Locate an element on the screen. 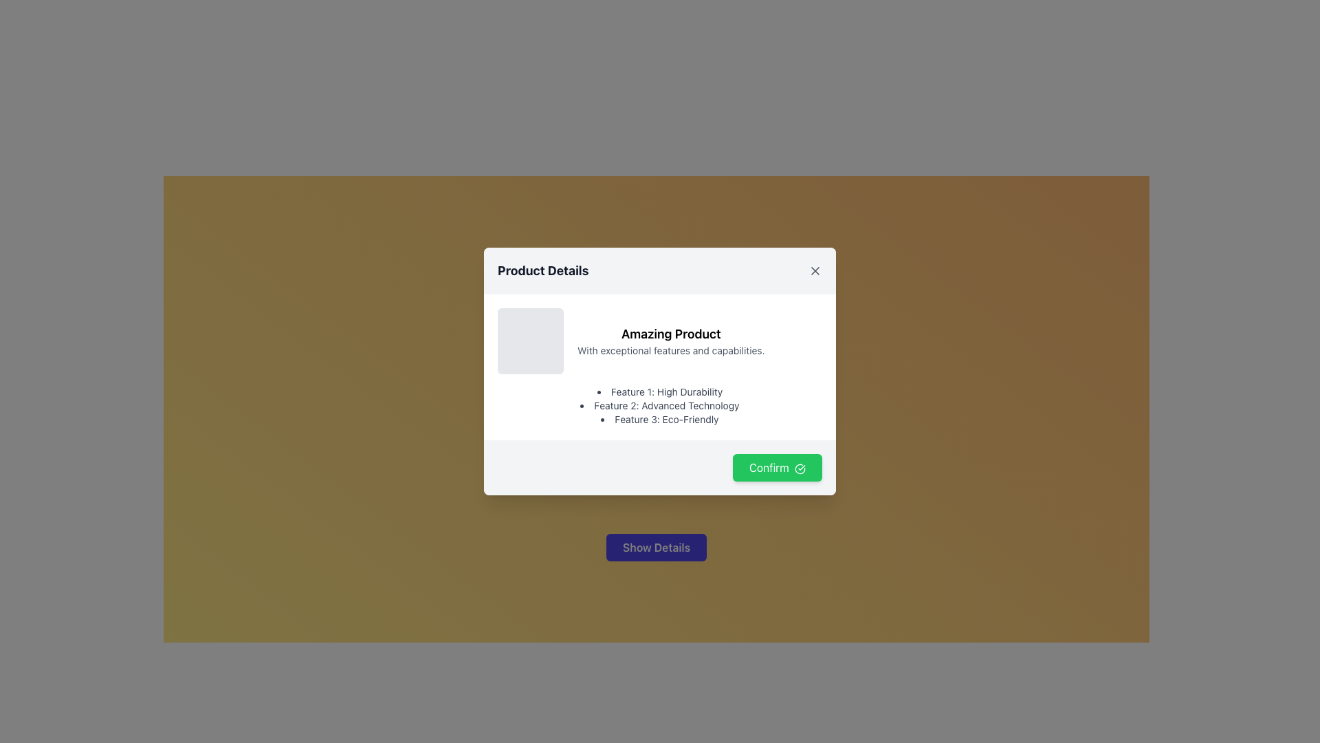 Image resolution: width=1320 pixels, height=743 pixels. the decorative 'close' icon in the top-right corner of the 'Product Details' modal is located at coordinates (815, 270).